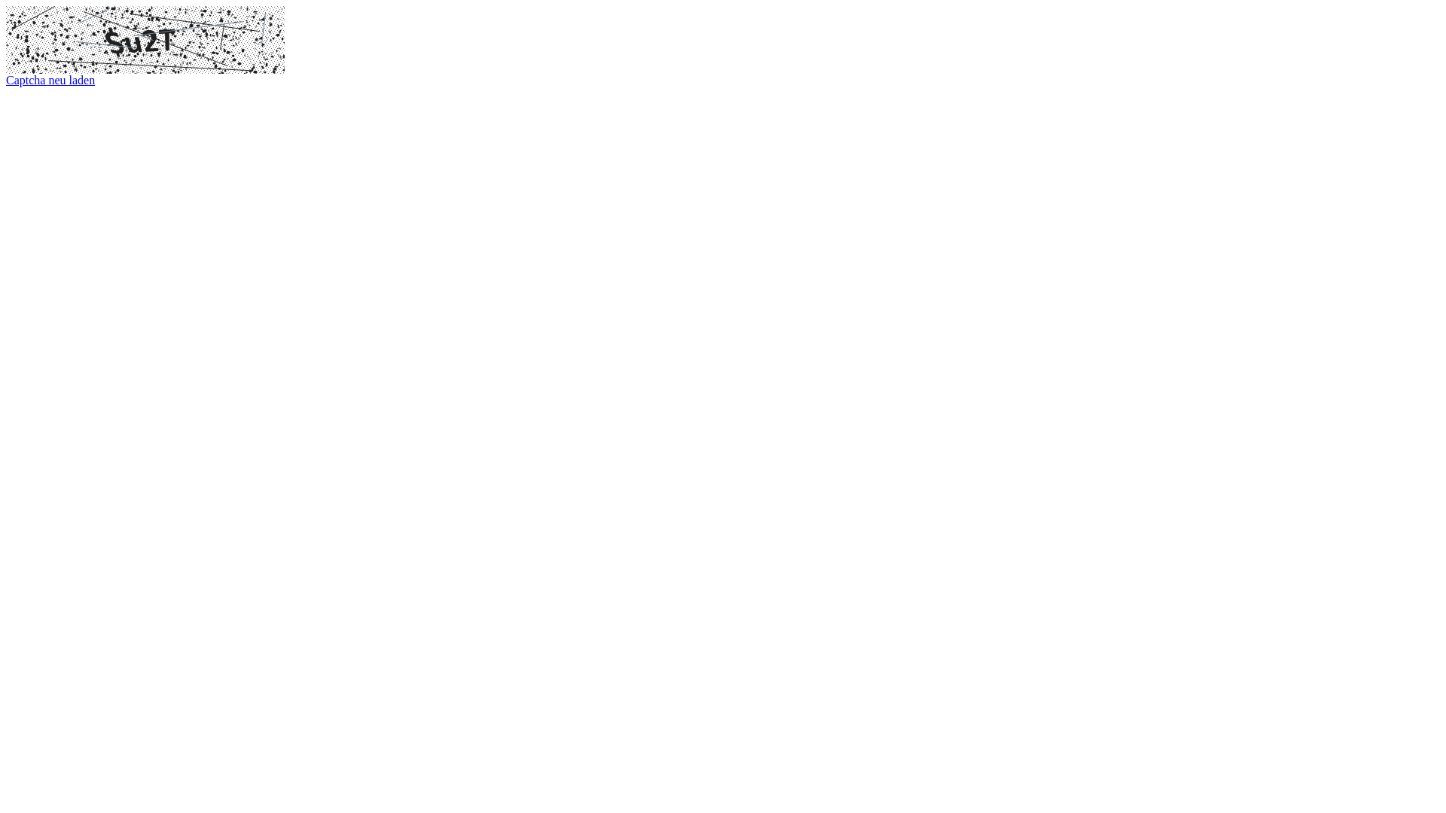 This screenshot has width=1446, height=813. What do you see at coordinates (50, 80) in the screenshot?
I see `'Captcha neu laden'` at bounding box center [50, 80].